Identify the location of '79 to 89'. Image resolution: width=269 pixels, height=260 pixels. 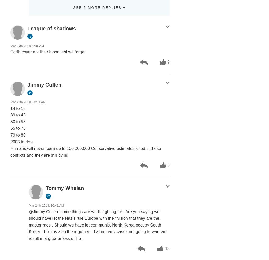
(18, 135).